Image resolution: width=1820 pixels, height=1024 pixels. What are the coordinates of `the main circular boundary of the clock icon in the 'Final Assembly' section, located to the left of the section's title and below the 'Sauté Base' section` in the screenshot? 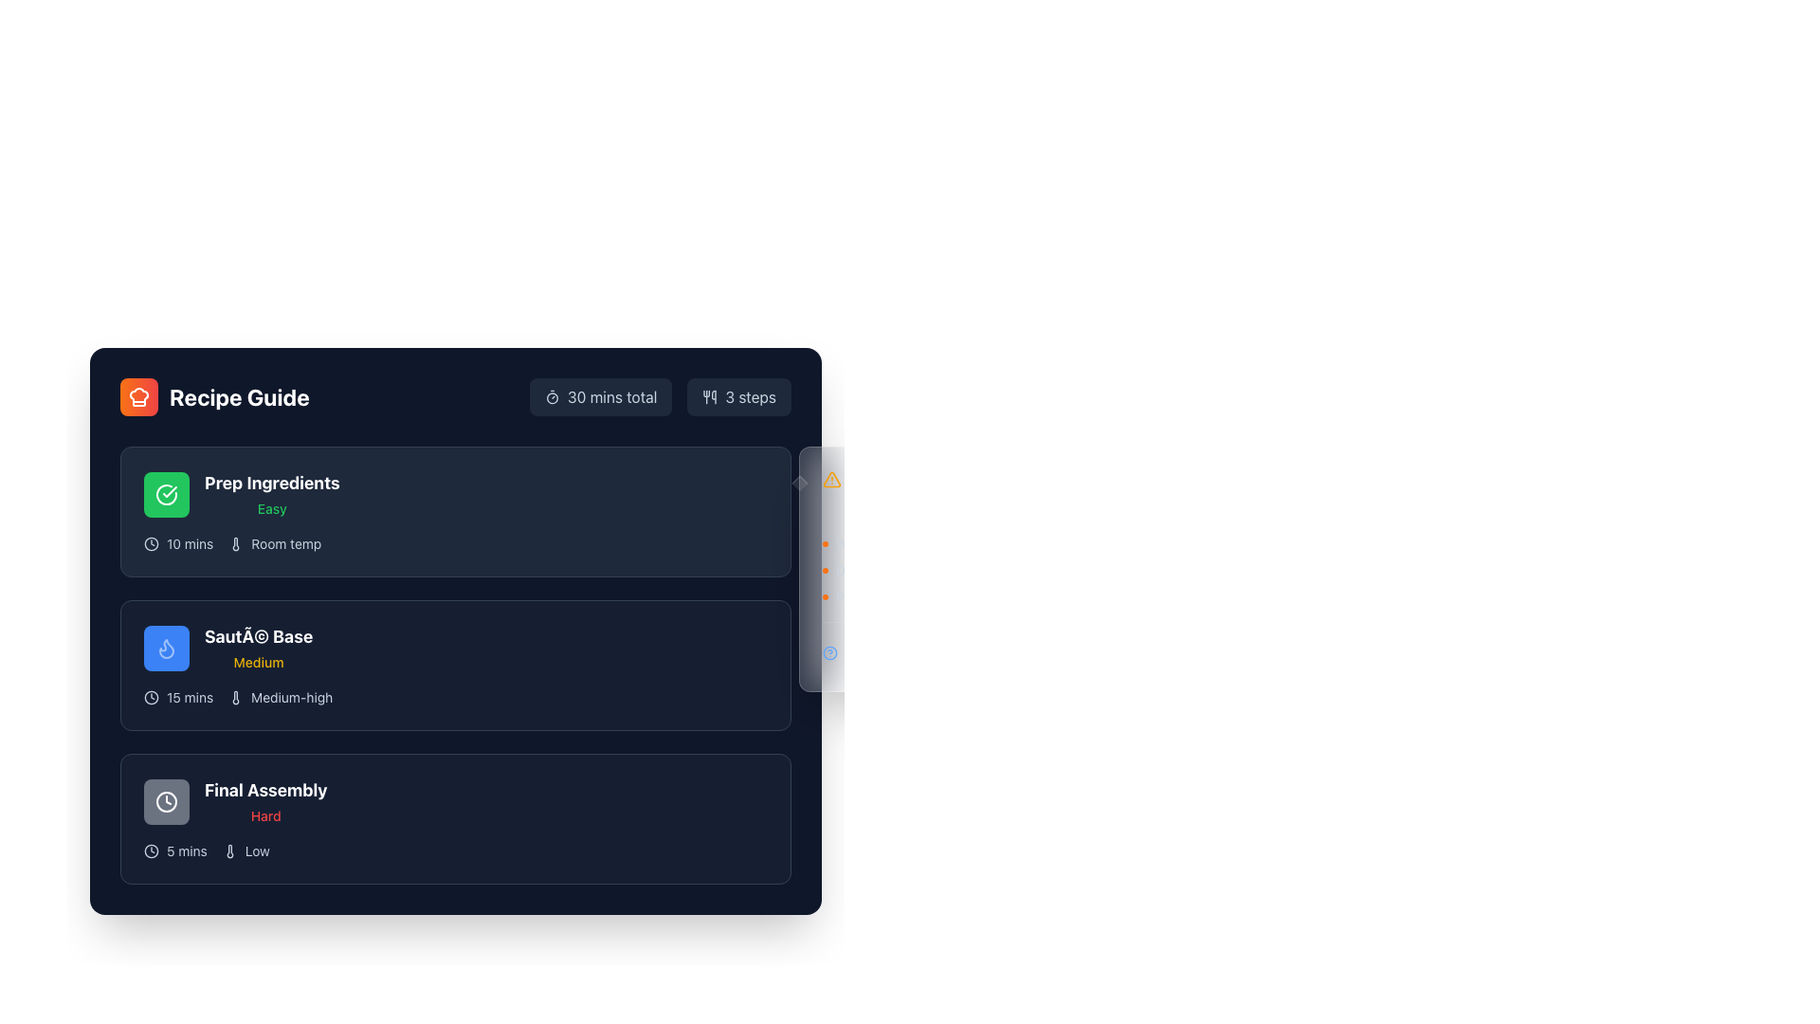 It's located at (150, 698).